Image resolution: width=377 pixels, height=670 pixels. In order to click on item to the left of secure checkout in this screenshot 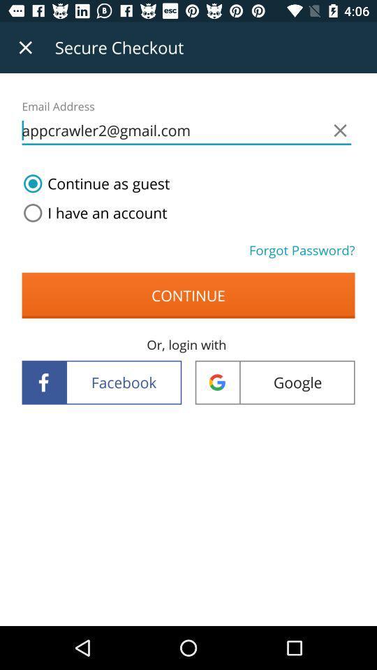, I will do `click(25, 47)`.